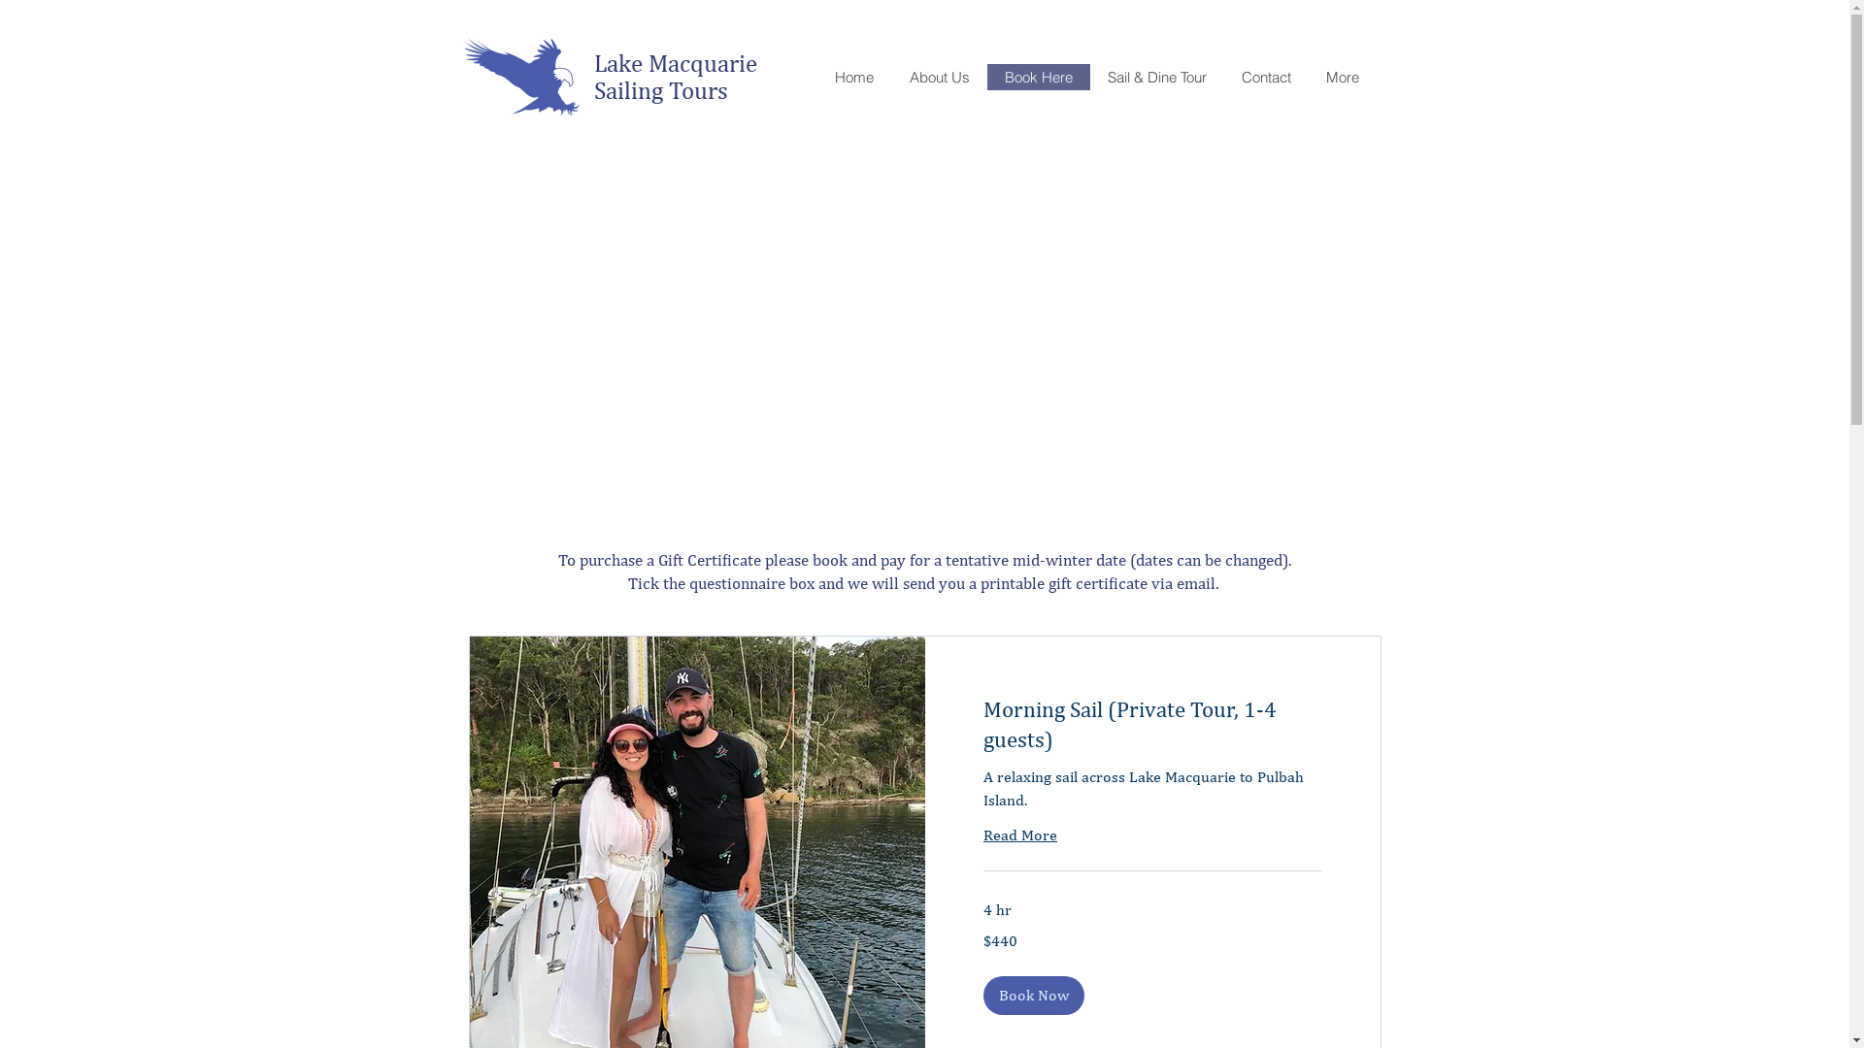 Image resolution: width=1864 pixels, height=1048 pixels. What do you see at coordinates (1032, 996) in the screenshot?
I see `'Book Now'` at bounding box center [1032, 996].